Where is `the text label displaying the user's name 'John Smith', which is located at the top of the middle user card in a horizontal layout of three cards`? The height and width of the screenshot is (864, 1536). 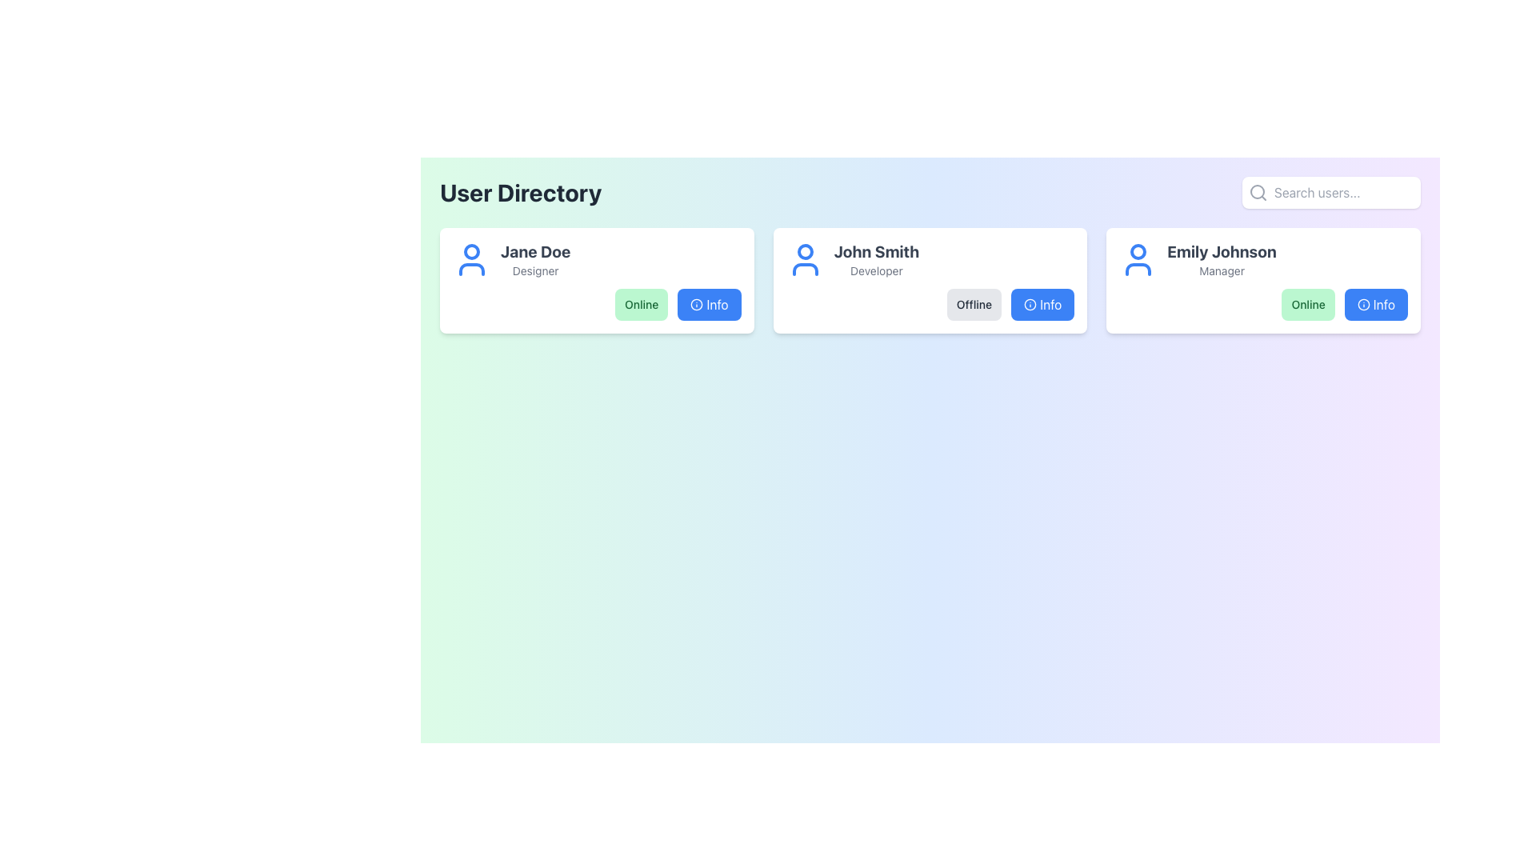
the text label displaying the user's name 'John Smith', which is located at the top of the middle user card in a horizontal layout of three cards is located at coordinates (875, 252).